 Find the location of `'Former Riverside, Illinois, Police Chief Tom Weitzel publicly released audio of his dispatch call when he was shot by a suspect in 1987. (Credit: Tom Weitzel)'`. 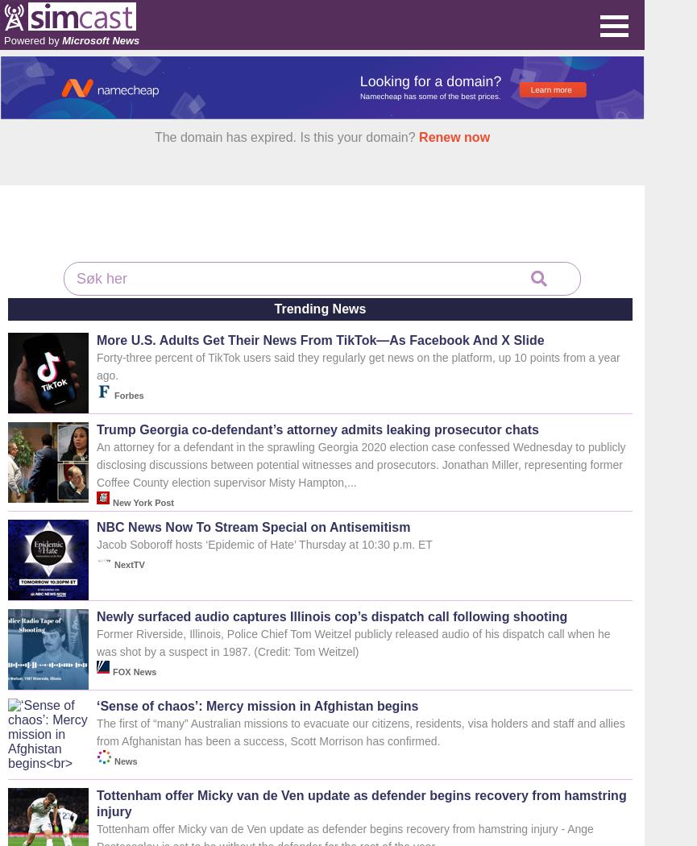

'Former Riverside, Illinois, Police Chief Tom Weitzel publicly released audio of his dispatch call when he was shot by a suspect in 1987. (Credit: Tom Weitzel)' is located at coordinates (96, 642).